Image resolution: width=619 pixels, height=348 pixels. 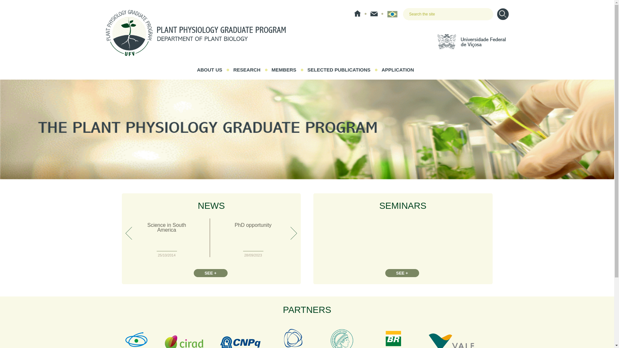 What do you see at coordinates (209, 70) in the screenshot?
I see `'ABOUT US'` at bounding box center [209, 70].